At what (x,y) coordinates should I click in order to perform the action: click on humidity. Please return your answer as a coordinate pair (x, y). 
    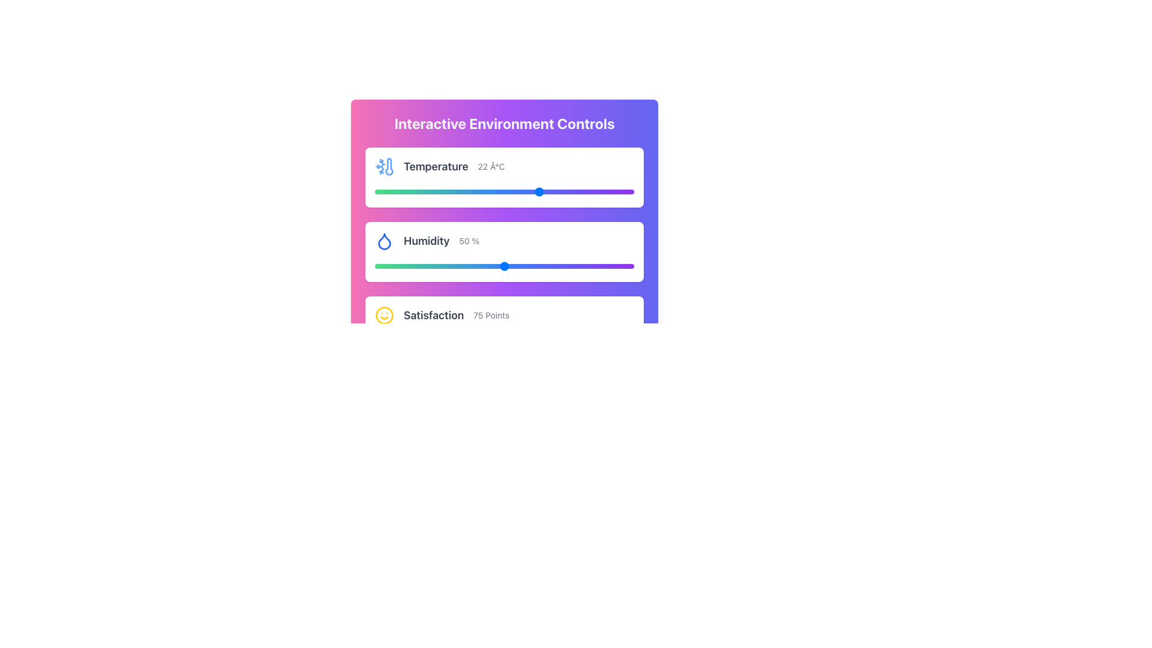
    Looking at the image, I should click on (542, 265).